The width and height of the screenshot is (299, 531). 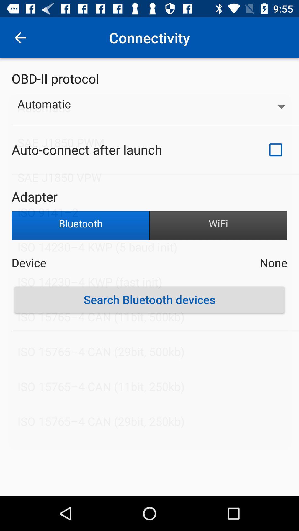 I want to click on item next to the bluetooth item, so click(x=218, y=226).